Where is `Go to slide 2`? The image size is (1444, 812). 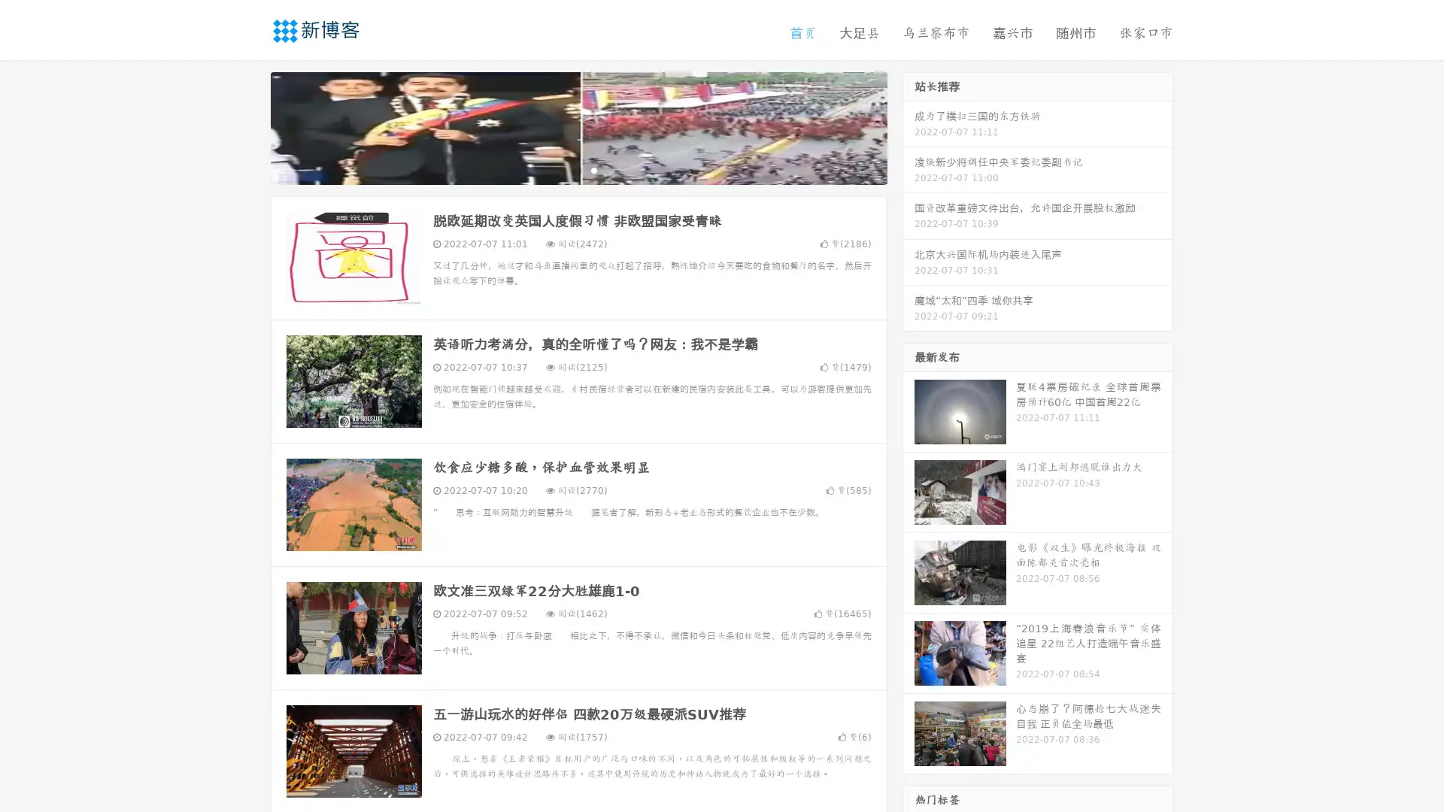 Go to slide 2 is located at coordinates (578, 169).